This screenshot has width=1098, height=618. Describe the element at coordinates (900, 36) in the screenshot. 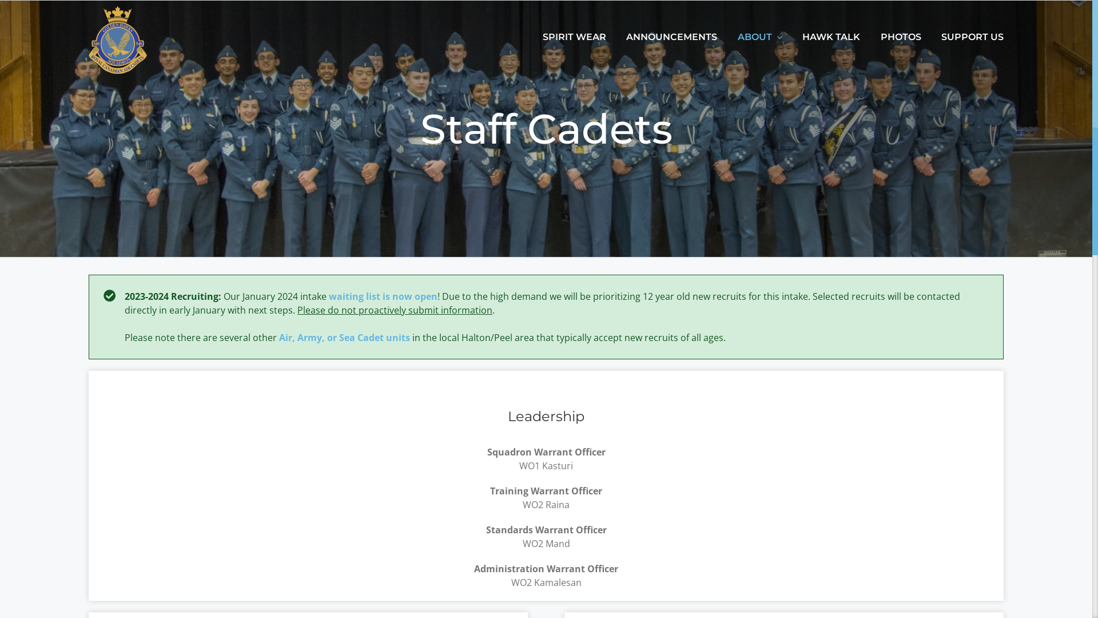

I see `'PHOTOS'` at that location.